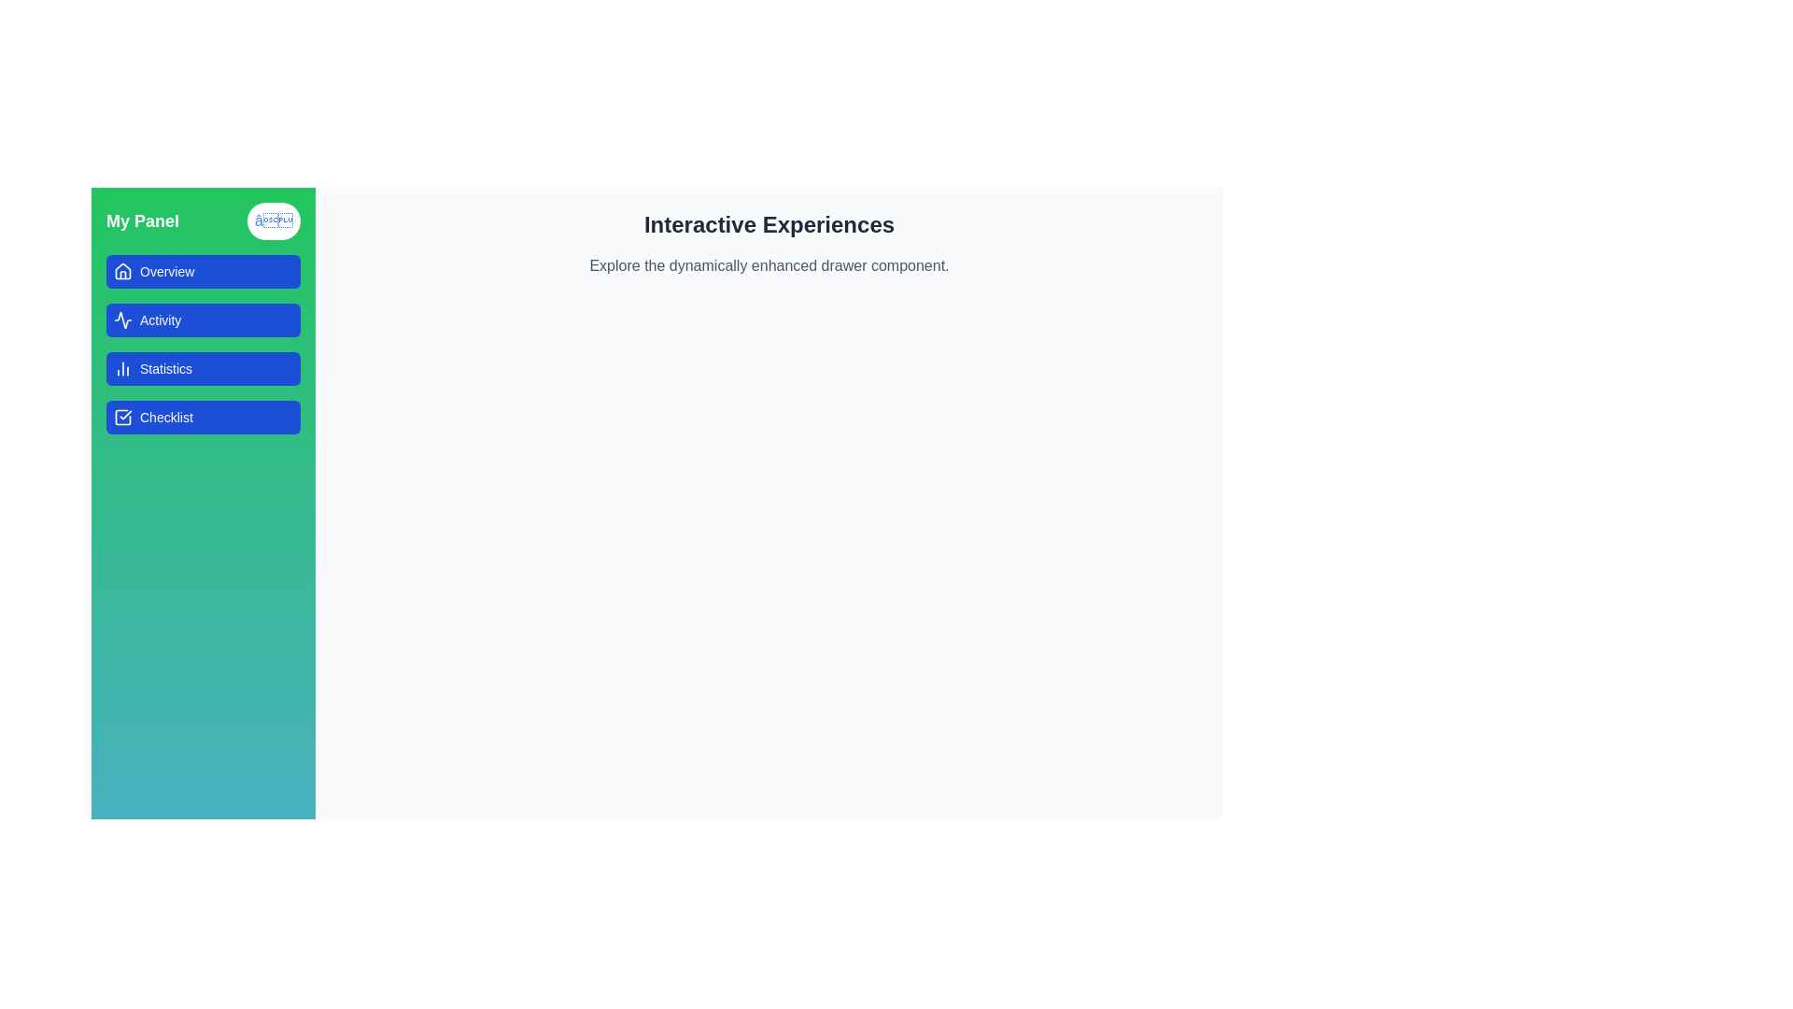 The width and height of the screenshot is (1793, 1009). What do you see at coordinates (769, 223) in the screenshot?
I see `the Text Label that serves as a title or heading, located above the descriptive text 'Explore the dynamically enhanced drawer component.'` at bounding box center [769, 223].